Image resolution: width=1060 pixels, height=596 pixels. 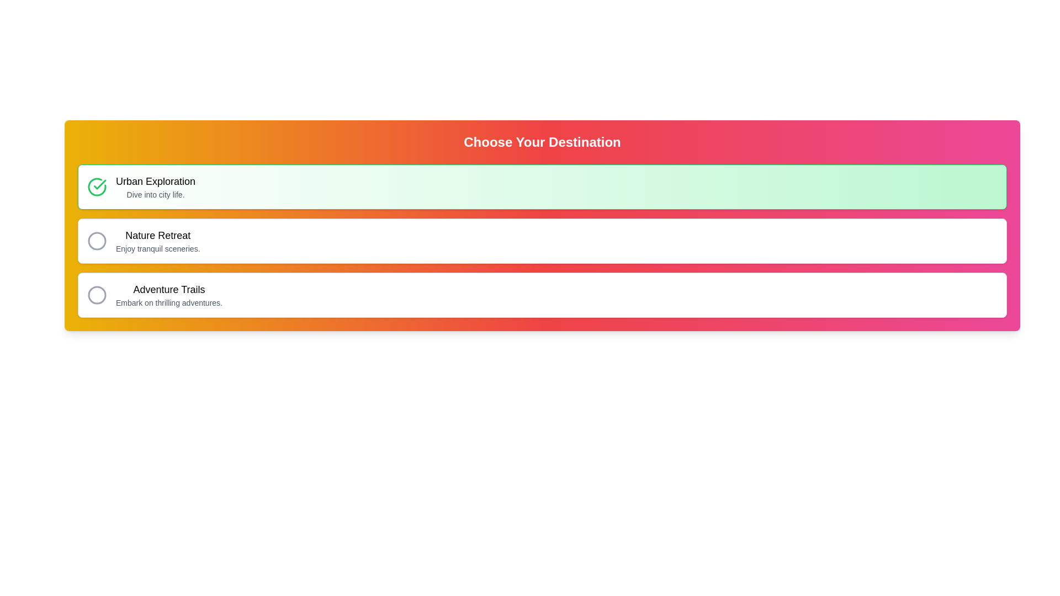 I want to click on text label displaying 'Dive into city life.' positioned directly below 'Urban Exploration.', so click(x=155, y=194).